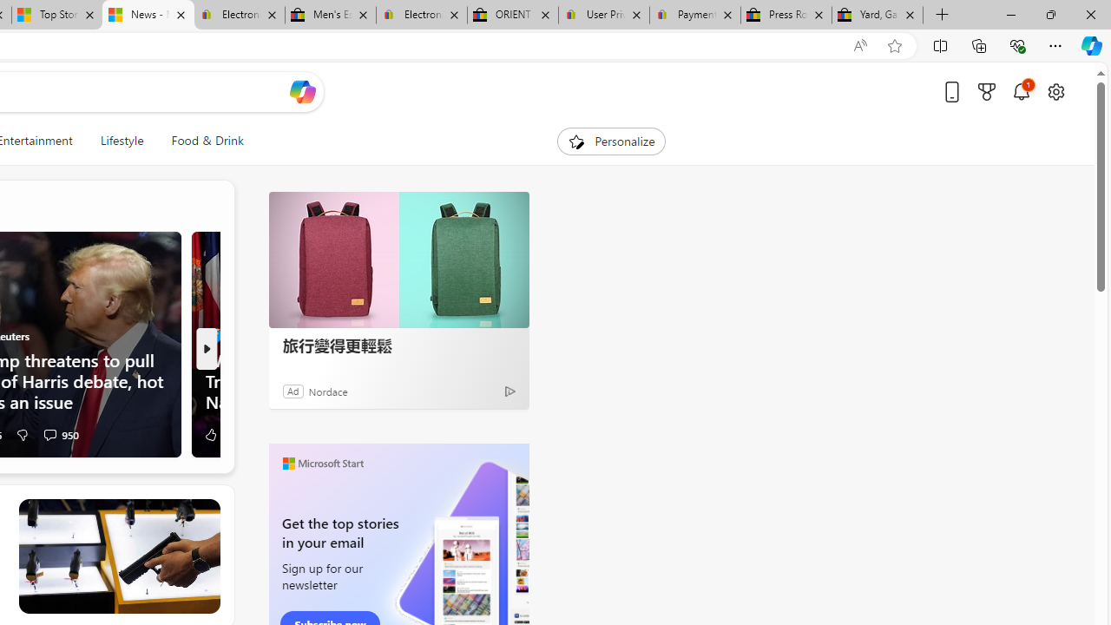  I want to click on 'Payments Terms of Use | eBay.com', so click(694, 15).